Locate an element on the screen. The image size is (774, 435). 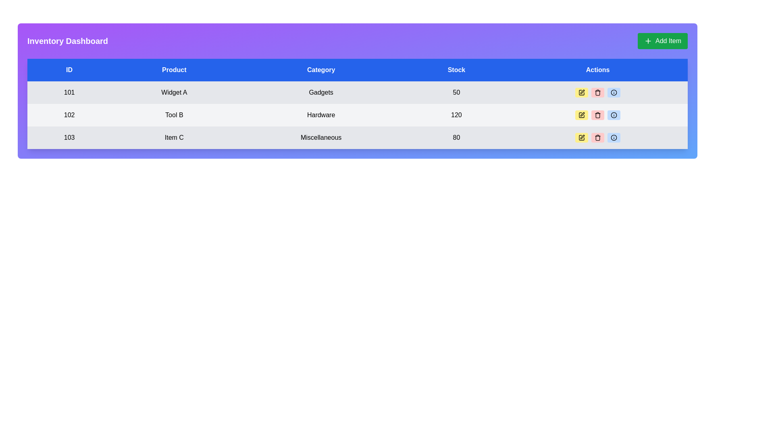
the information icon button located in the 'Actions' column of the third row of the table is located at coordinates (613, 115).